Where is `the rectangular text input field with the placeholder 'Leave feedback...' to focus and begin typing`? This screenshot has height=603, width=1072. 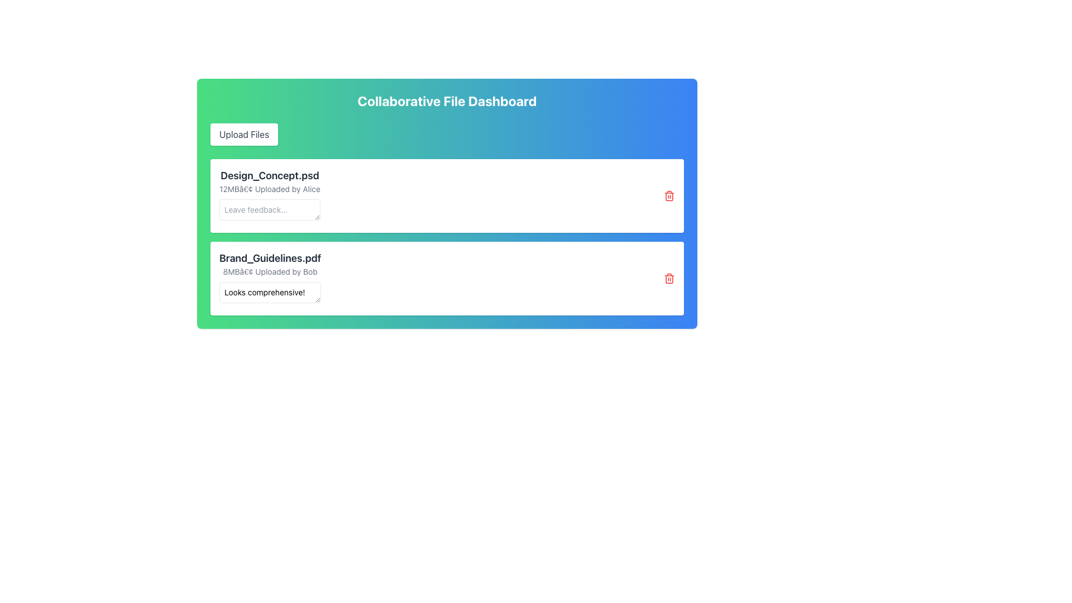
the rectangular text input field with the placeholder 'Leave feedback...' to focus and begin typing is located at coordinates (270, 209).